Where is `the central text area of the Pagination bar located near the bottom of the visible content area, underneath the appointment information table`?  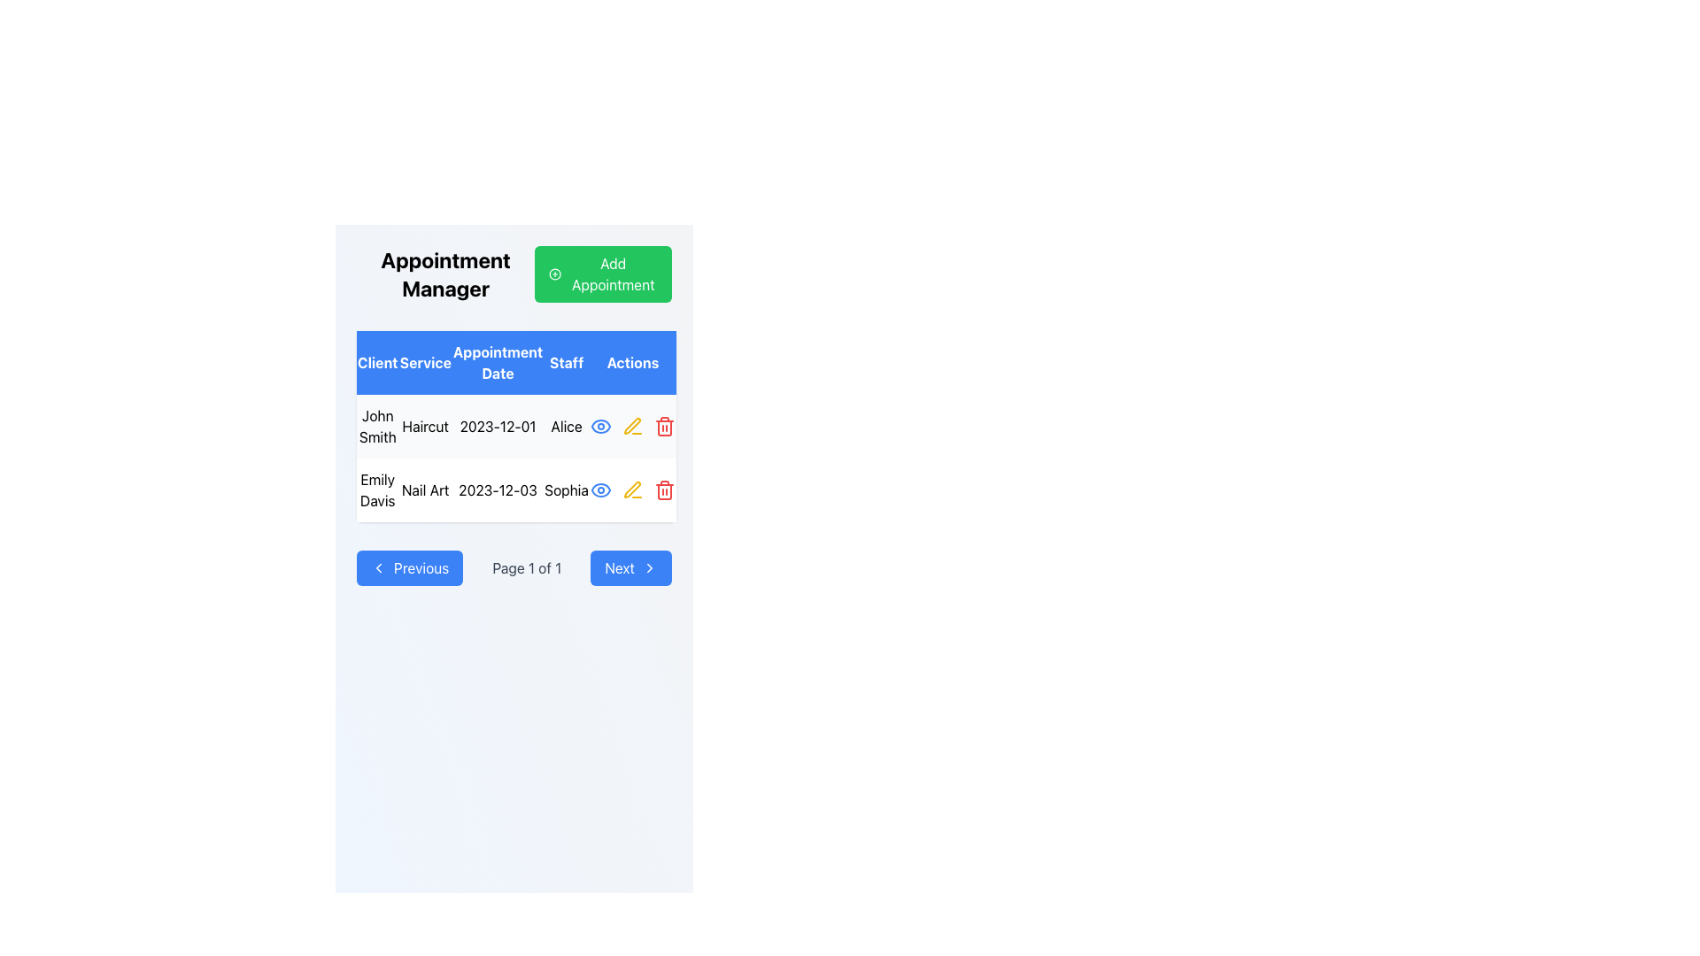 the central text area of the Pagination bar located near the bottom of the visible content area, underneath the appointment information table is located at coordinates (513, 567).